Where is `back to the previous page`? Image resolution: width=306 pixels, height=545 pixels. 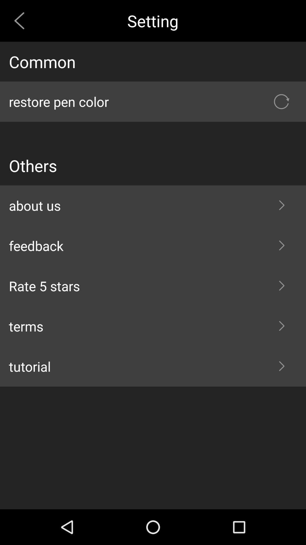 back to the previous page is located at coordinates (21, 21).